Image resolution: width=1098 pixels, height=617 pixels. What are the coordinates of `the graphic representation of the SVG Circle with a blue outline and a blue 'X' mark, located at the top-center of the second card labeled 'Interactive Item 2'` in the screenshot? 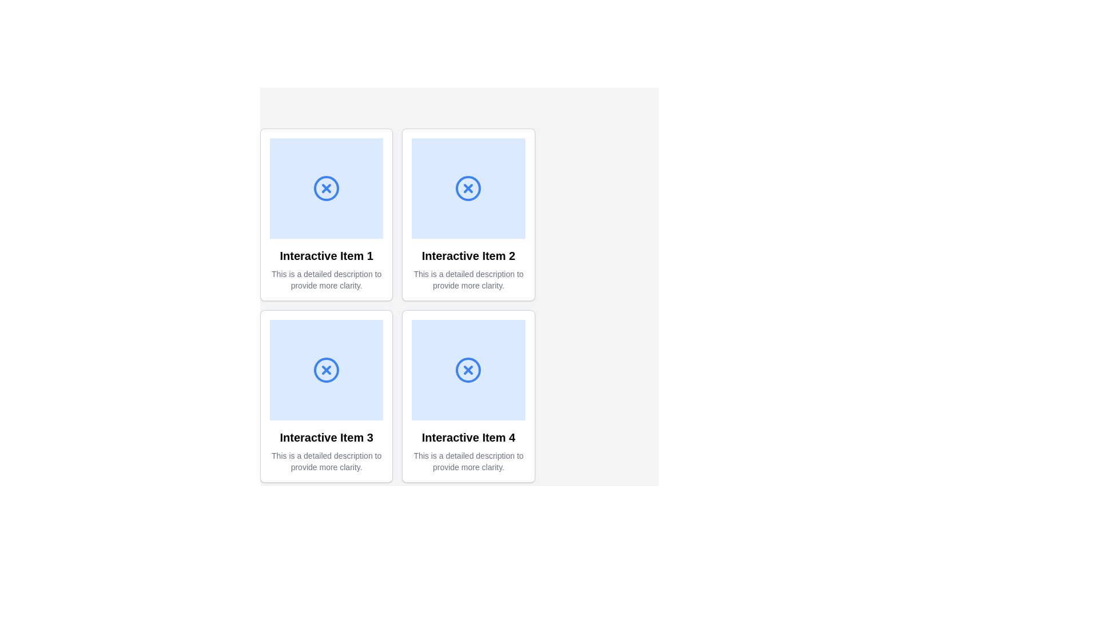 It's located at (468, 188).